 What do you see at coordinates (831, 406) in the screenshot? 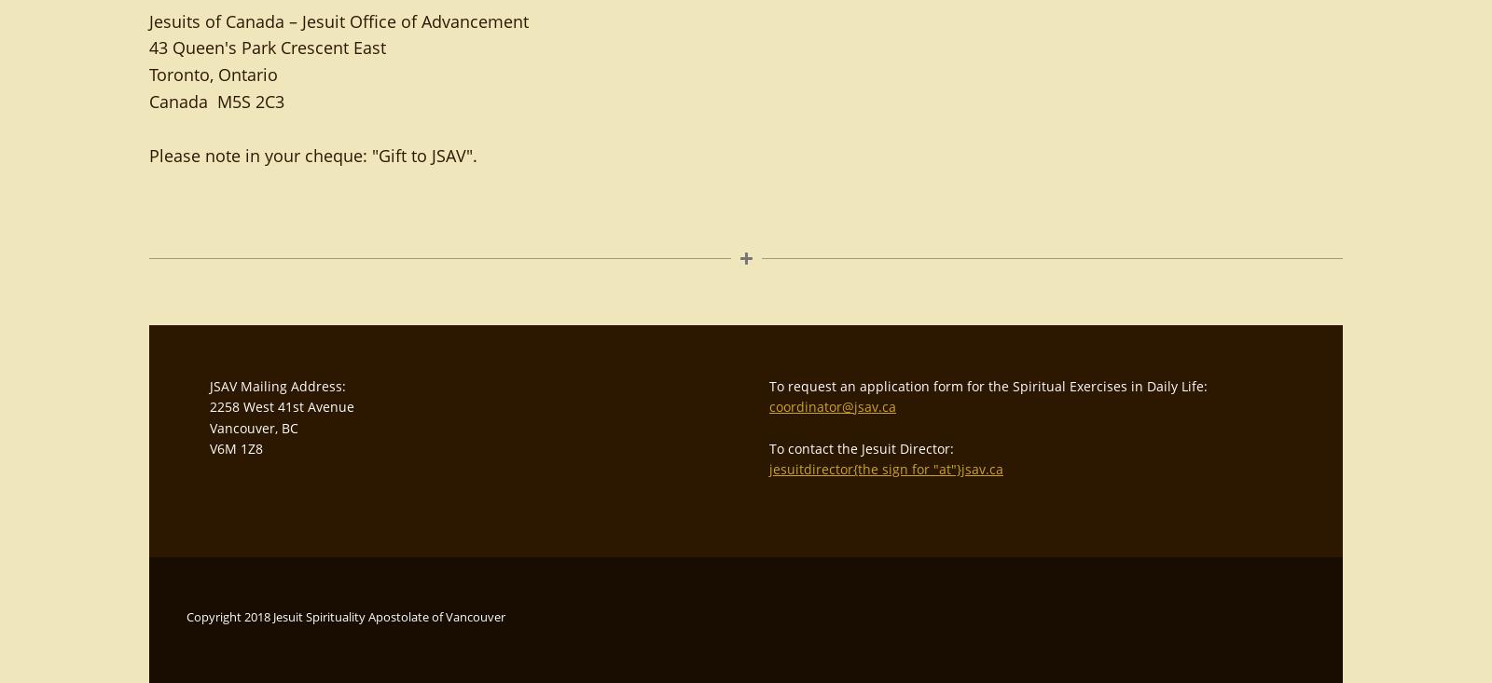
I see `'coordinator@jsav.ca'` at bounding box center [831, 406].